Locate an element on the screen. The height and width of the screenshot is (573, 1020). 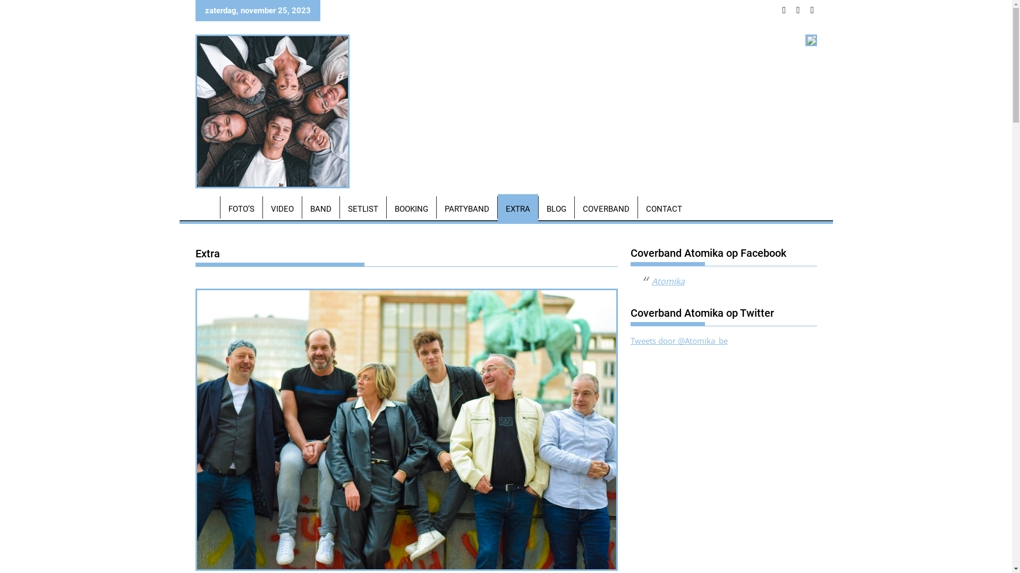
'SETLIST' is located at coordinates (363, 209).